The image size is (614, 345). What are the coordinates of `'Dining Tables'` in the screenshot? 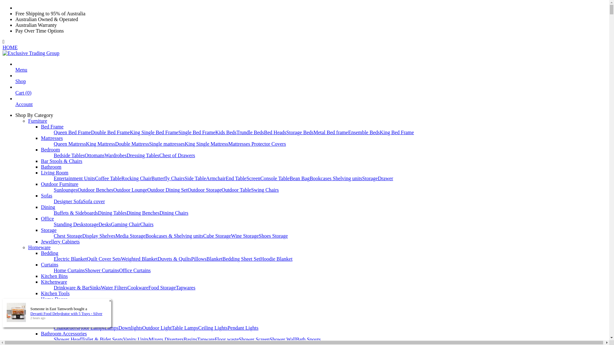 It's located at (112, 213).